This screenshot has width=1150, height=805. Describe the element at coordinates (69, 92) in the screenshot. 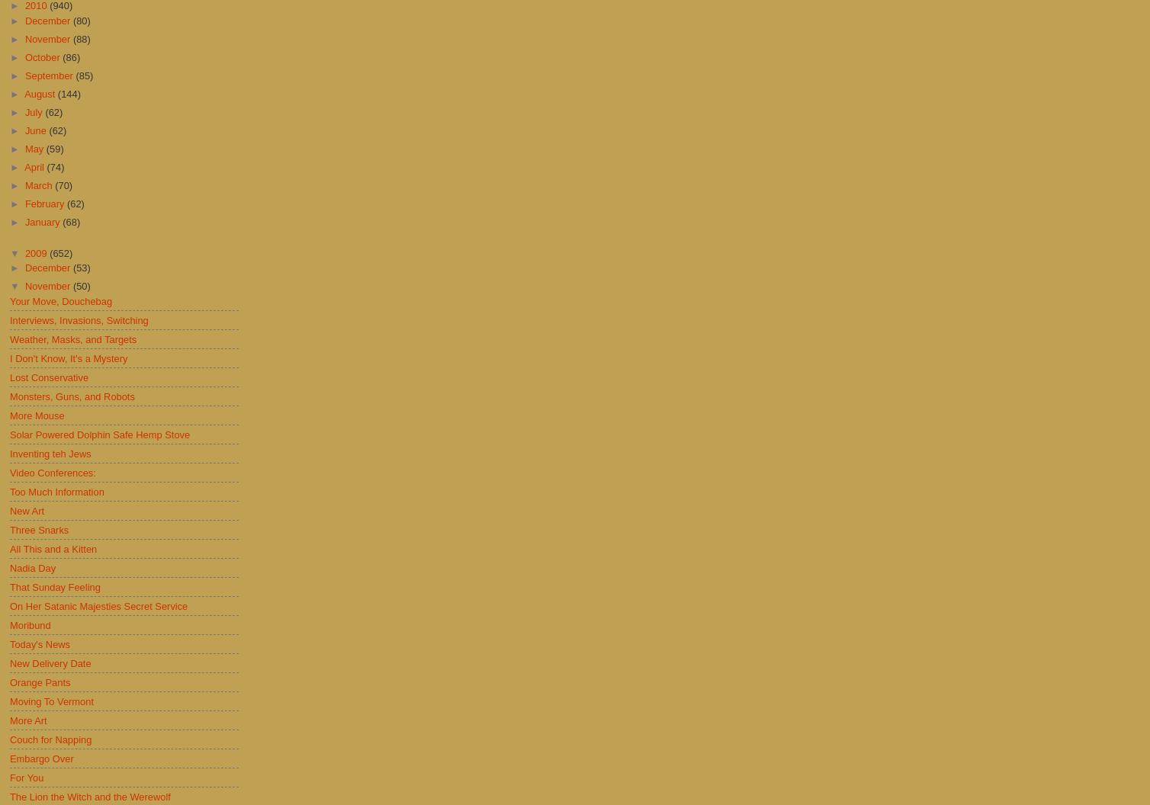

I see `'(144)'` at that location.